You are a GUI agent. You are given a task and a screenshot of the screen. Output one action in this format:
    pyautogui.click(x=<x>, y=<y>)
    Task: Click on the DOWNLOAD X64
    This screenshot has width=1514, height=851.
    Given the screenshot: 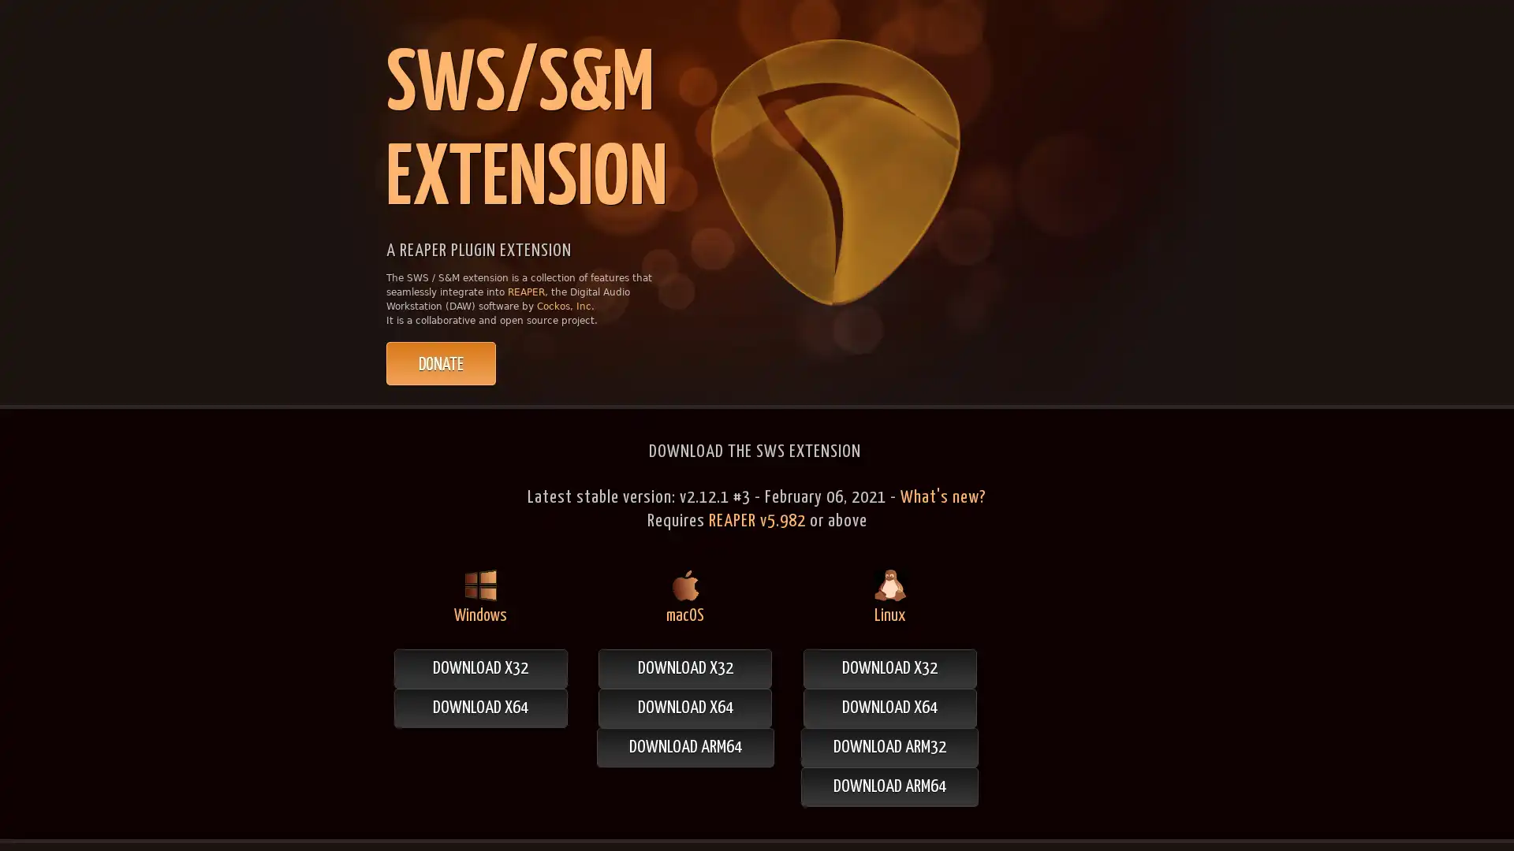 What is the action you would take?
    pyautogui.click(x=1009, y=707)
    